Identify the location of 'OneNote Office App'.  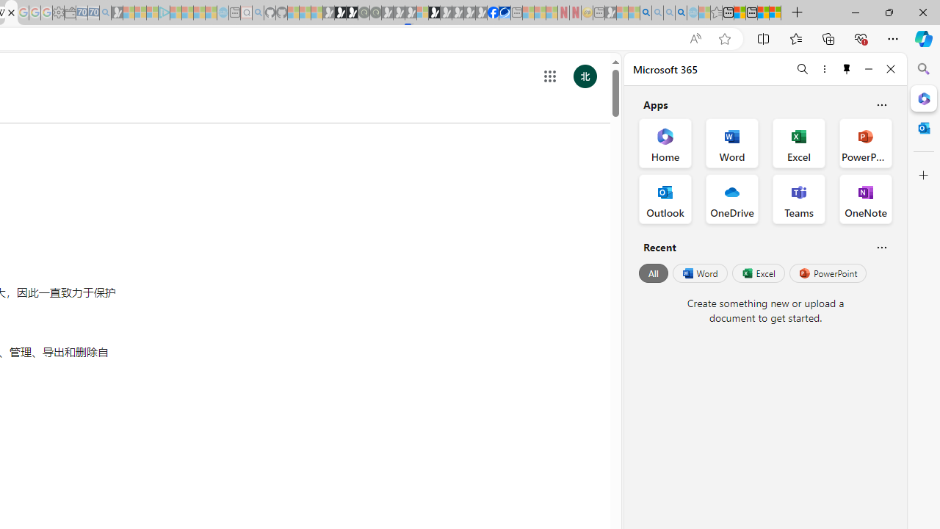
(865, 199).